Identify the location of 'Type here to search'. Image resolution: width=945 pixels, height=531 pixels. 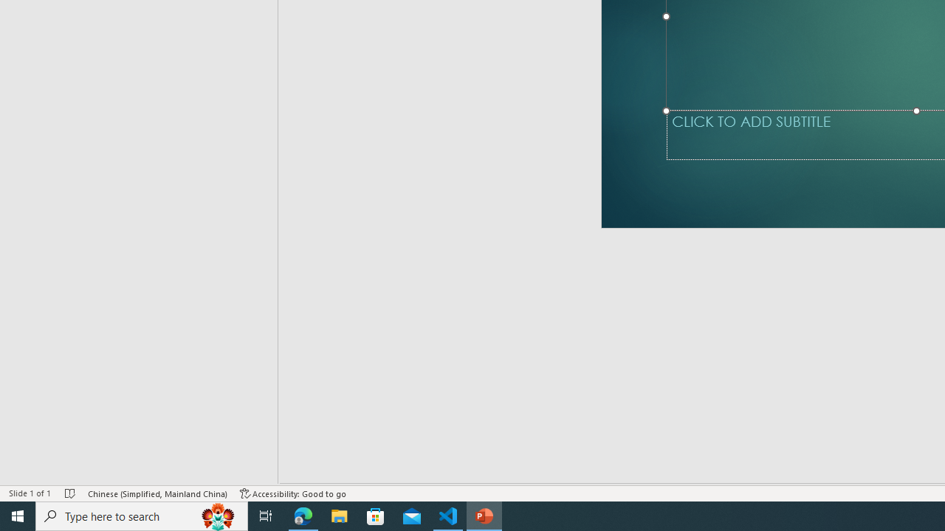
(142, 515).